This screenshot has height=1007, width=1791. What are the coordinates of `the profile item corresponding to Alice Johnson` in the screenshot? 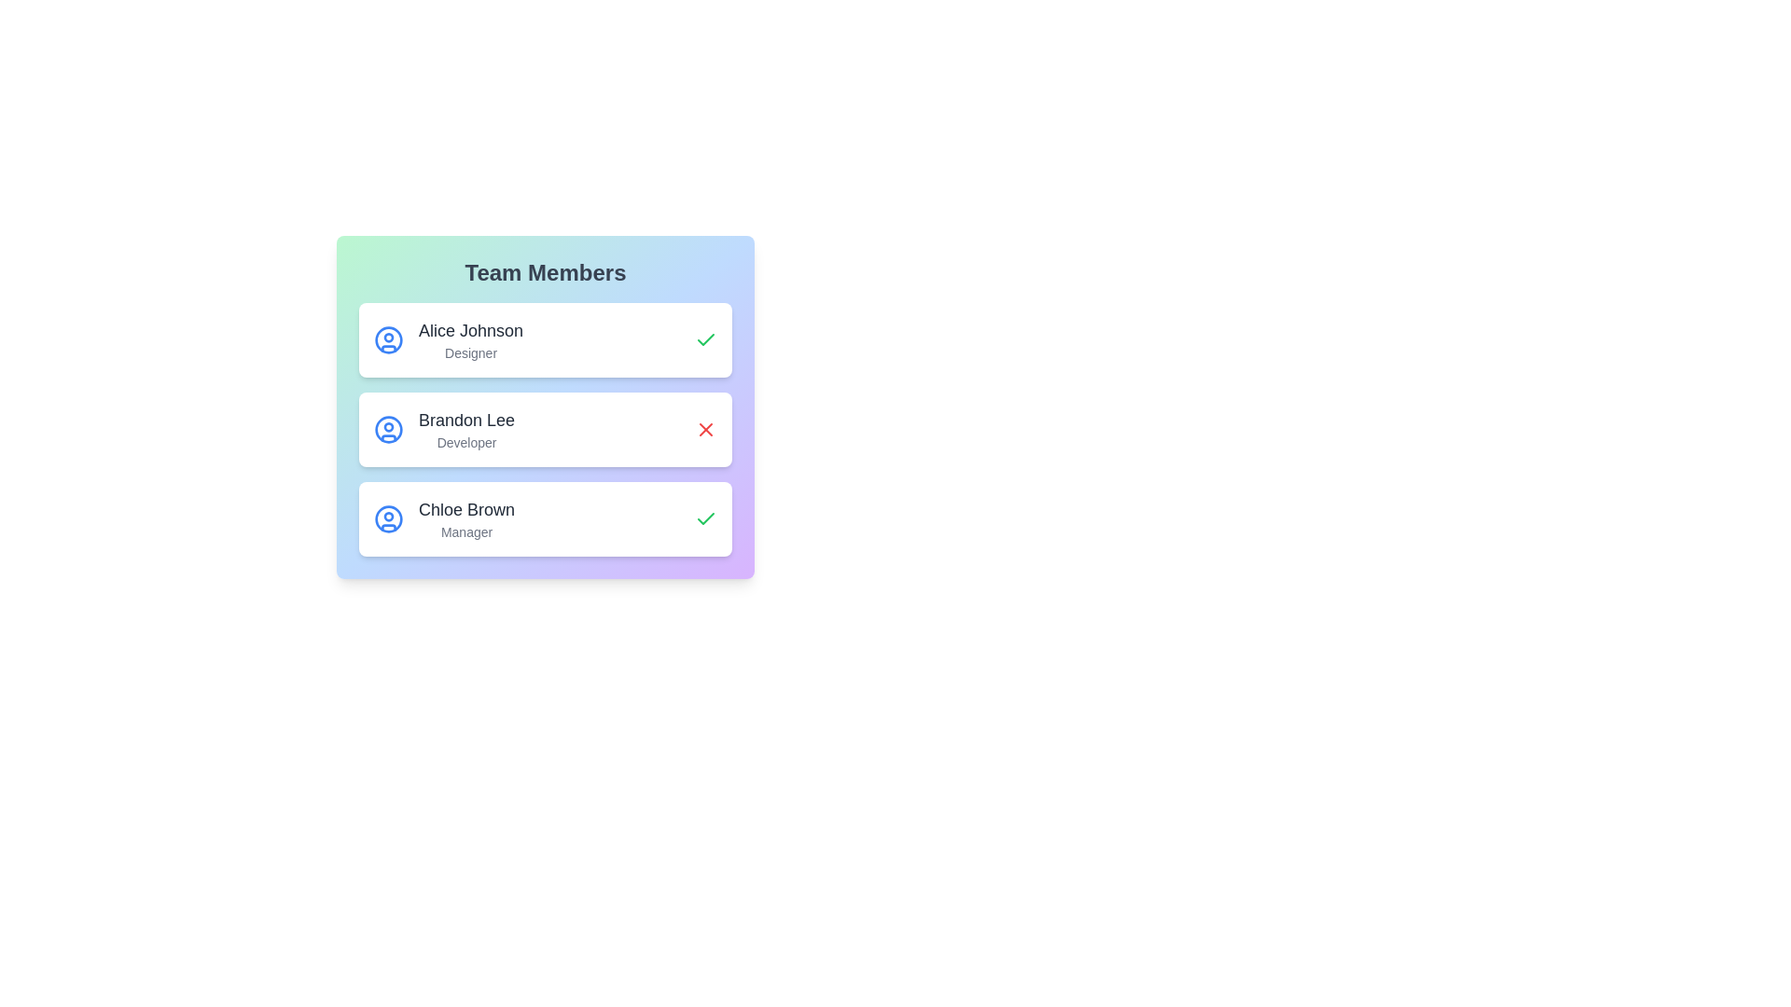 It's located at (545, 340).